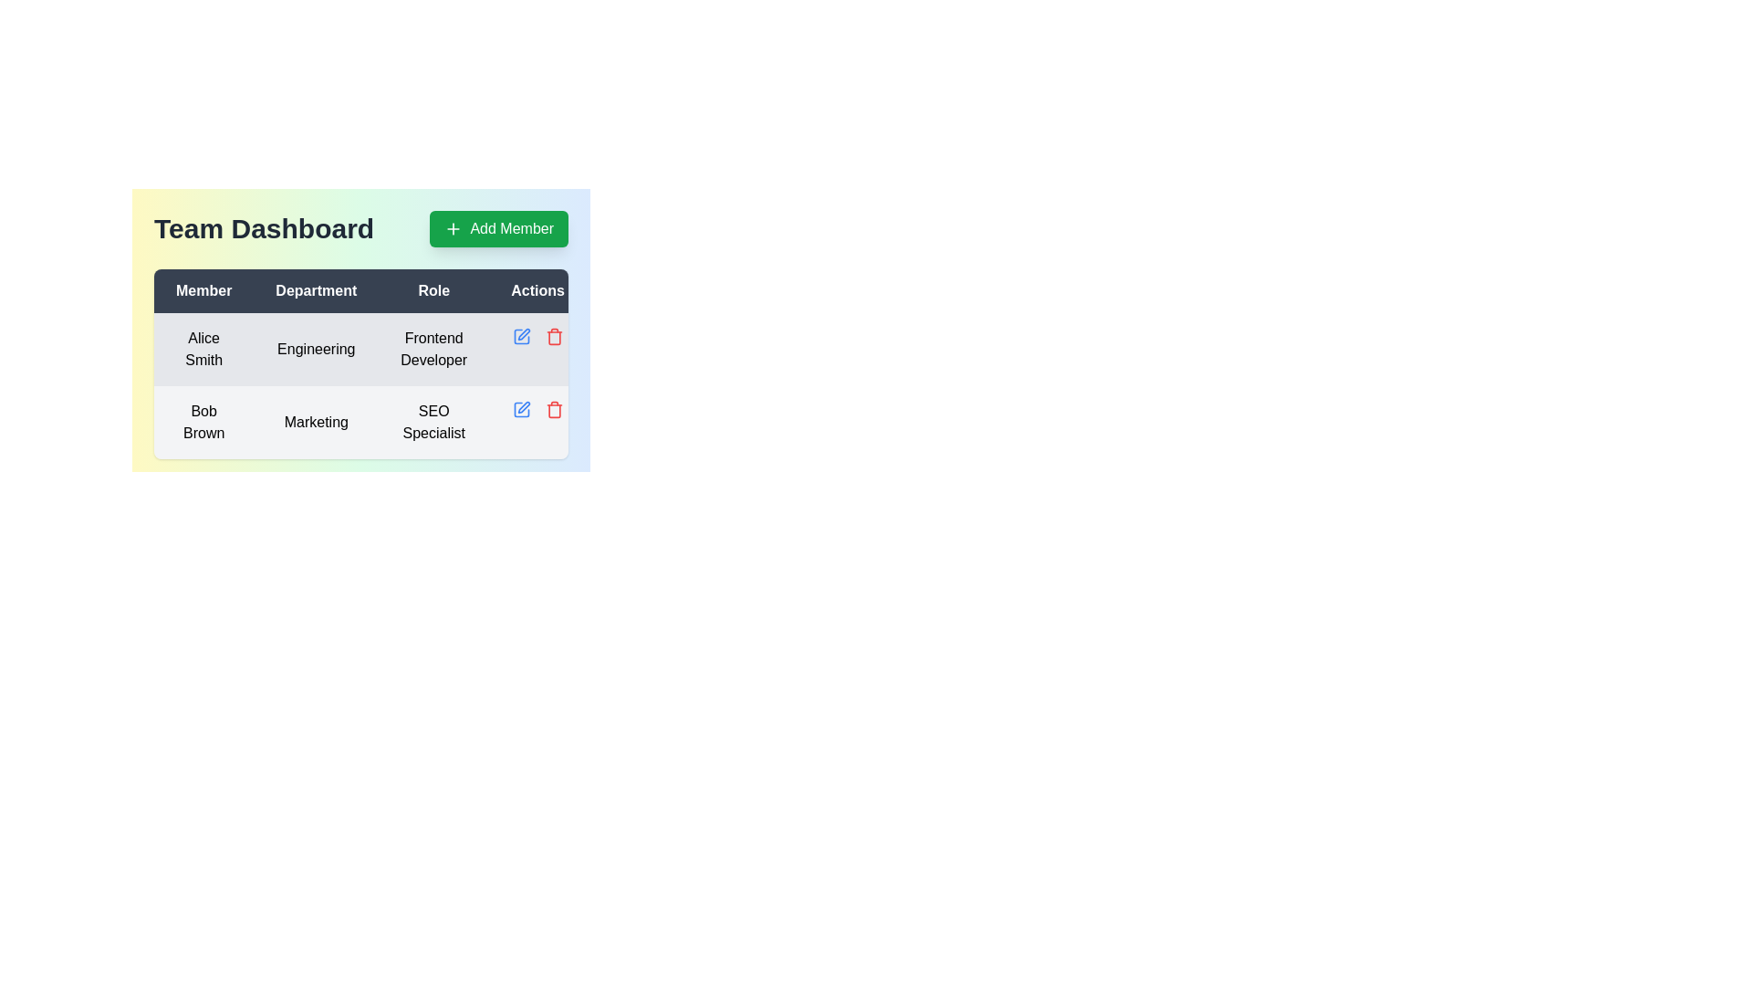 The height and width of the screenshot is (986, 1752). I want to click on the 'Actions' text label, which is the fourth header in the menu bar of the user data table, rendered in white on a dark gray background, so click(537, 290).